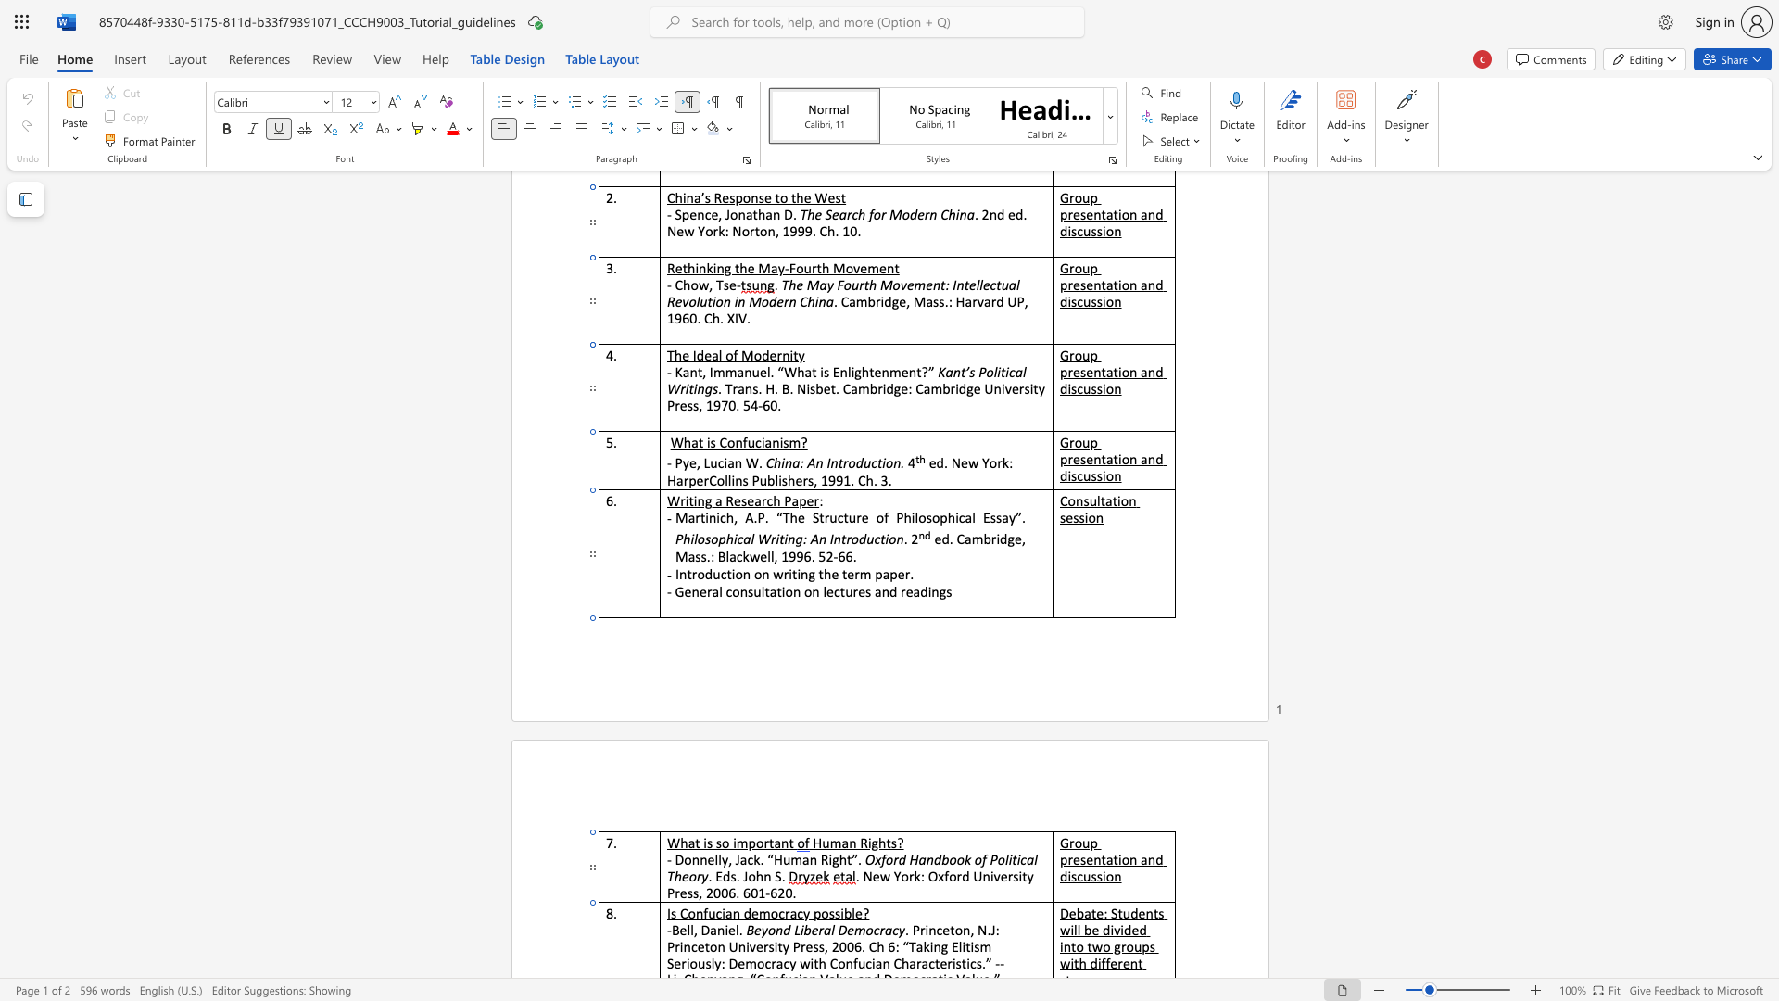 This screenshot has height=1001, width=1779. Describe the element at coordinates (774, 912) in the screenshot. I see `the 2th character "o" in the text` at that location.